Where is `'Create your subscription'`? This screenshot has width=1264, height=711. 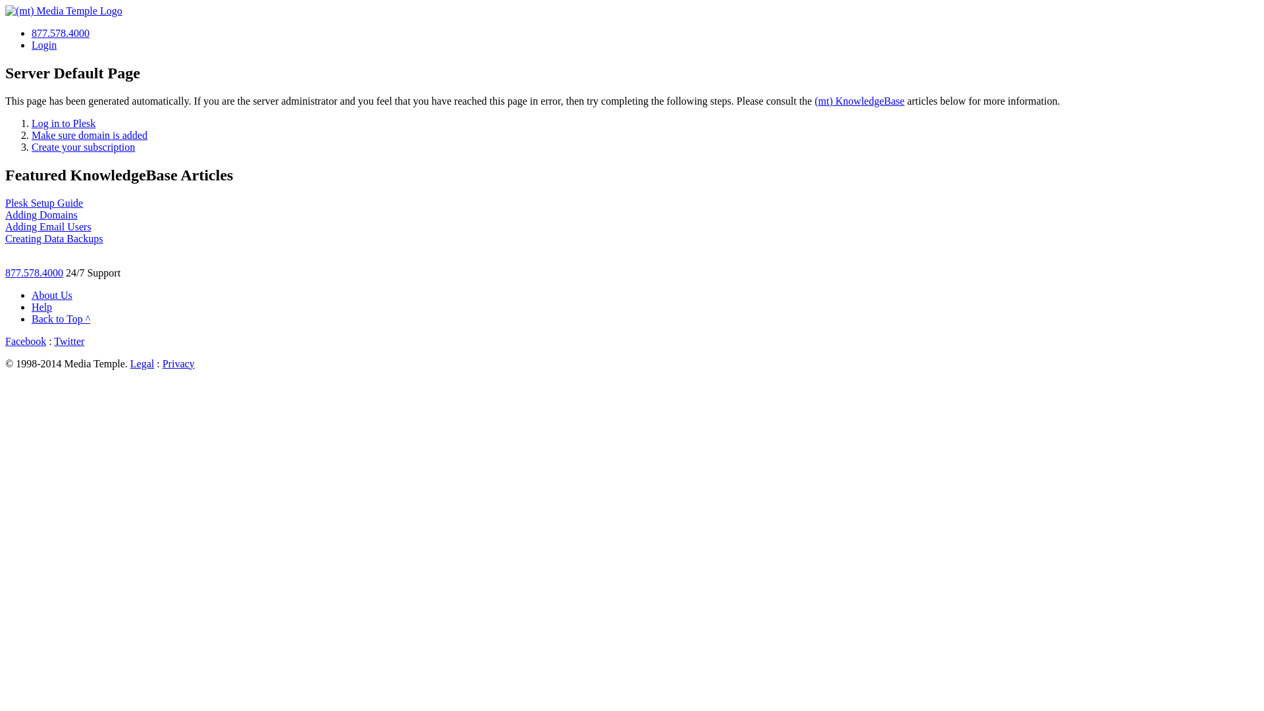 'Create your subscription' is located at coordinates (82, 147).